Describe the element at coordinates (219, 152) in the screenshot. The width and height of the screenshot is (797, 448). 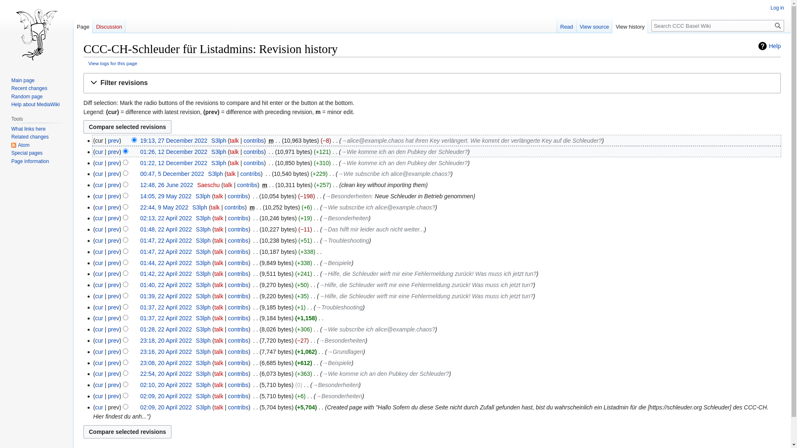
I see `'S3lph'` at that location.